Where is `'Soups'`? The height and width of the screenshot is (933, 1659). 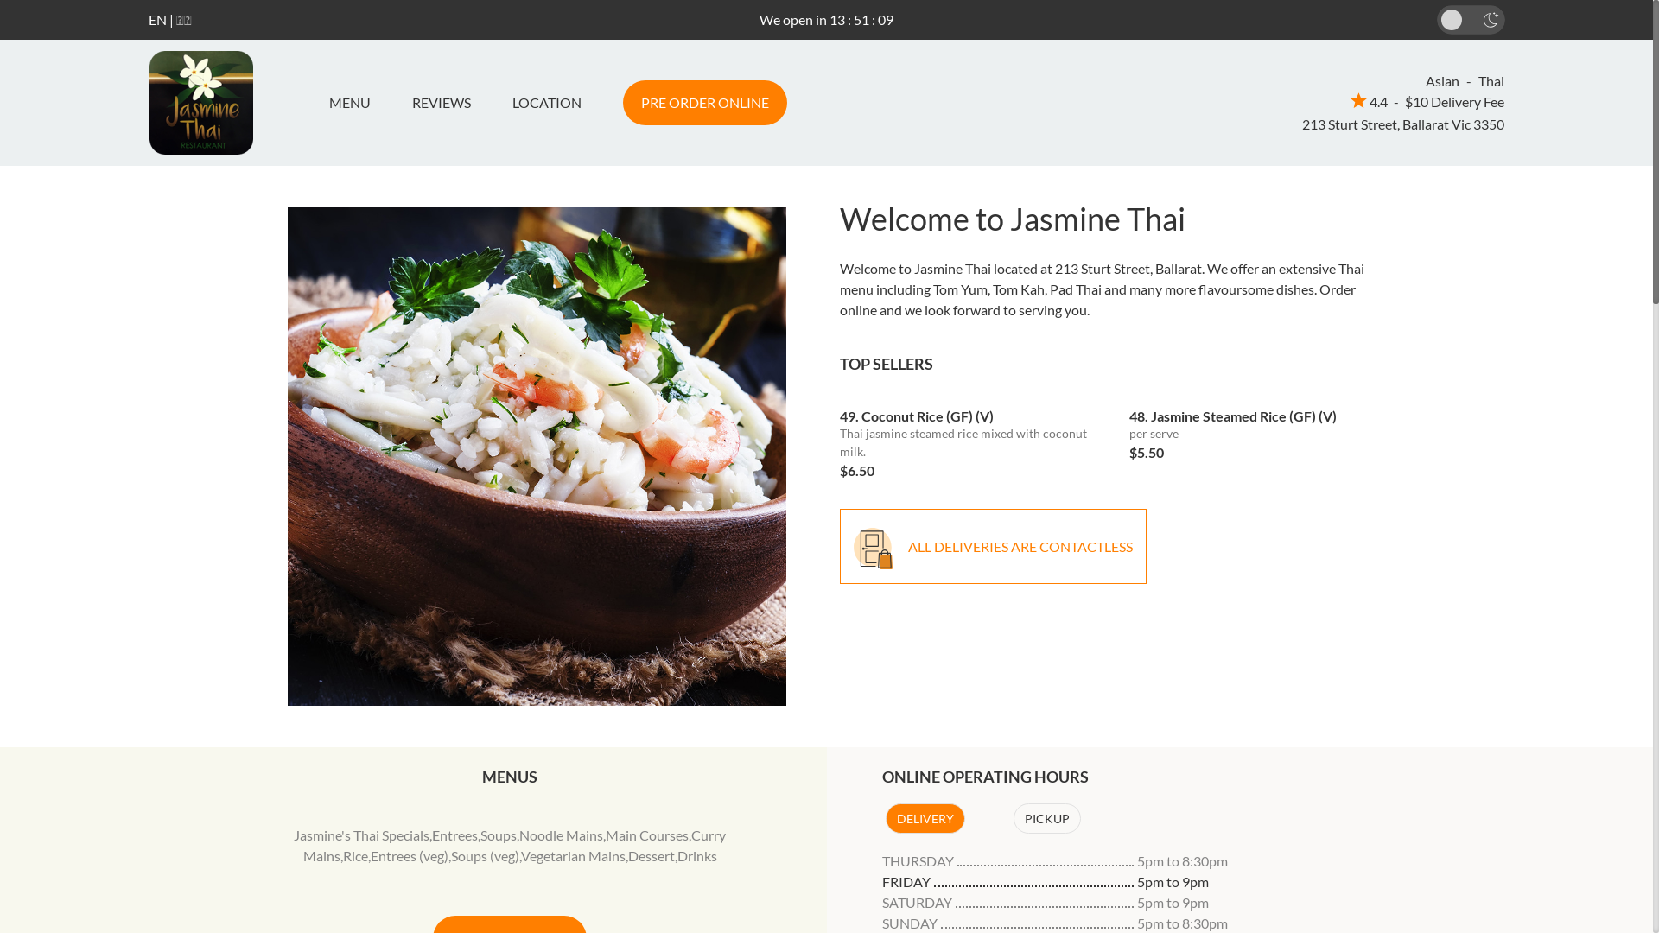 'Soups' is located at coordinates (497, 834).